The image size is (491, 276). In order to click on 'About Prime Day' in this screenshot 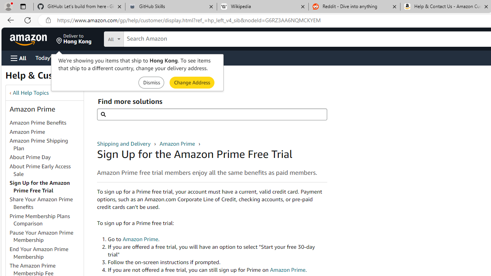, I will do `click(46, 157)`.